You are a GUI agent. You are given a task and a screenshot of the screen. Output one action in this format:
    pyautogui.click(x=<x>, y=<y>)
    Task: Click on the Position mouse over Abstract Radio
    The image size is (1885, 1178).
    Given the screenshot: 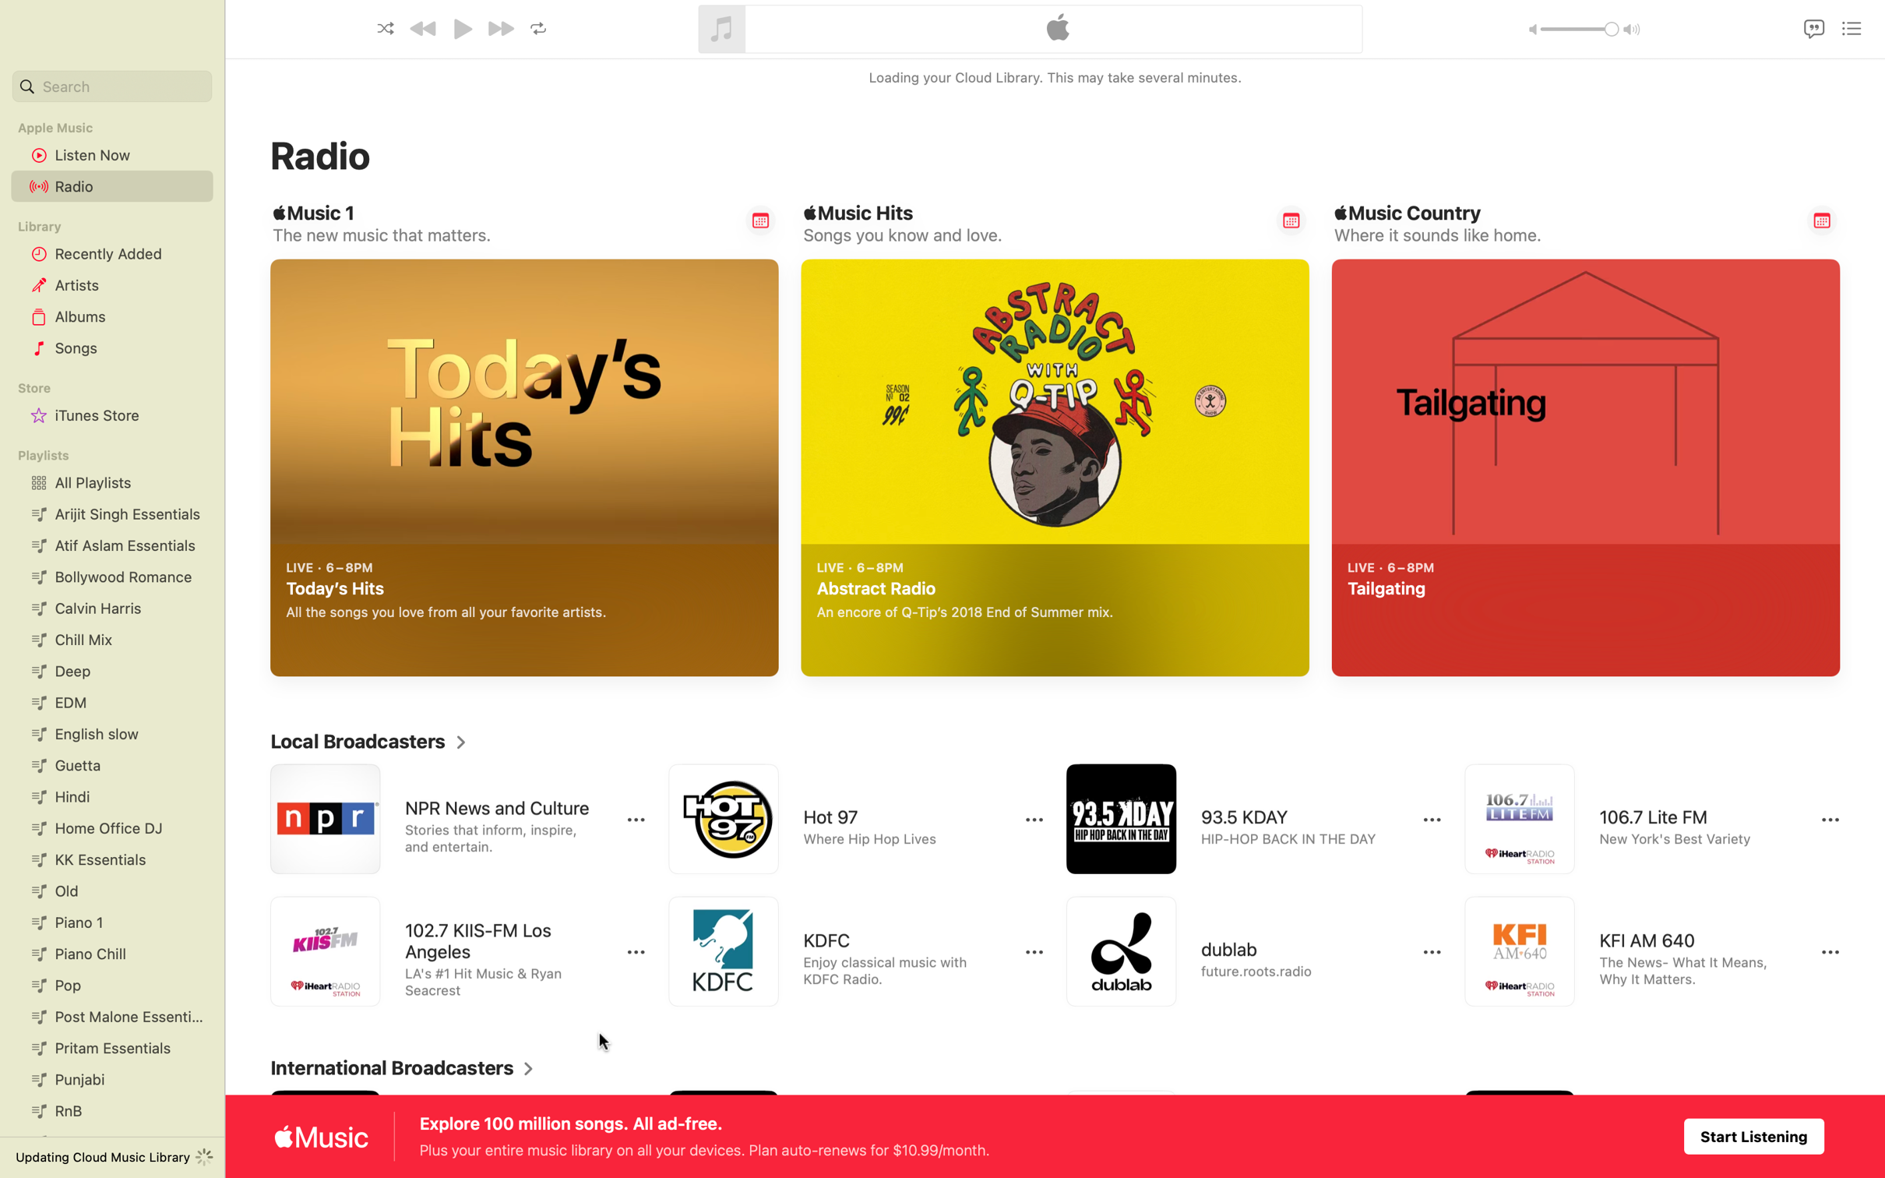 What is the action you would take?
    pyautogui.click(x=3542857, y=980096)
    